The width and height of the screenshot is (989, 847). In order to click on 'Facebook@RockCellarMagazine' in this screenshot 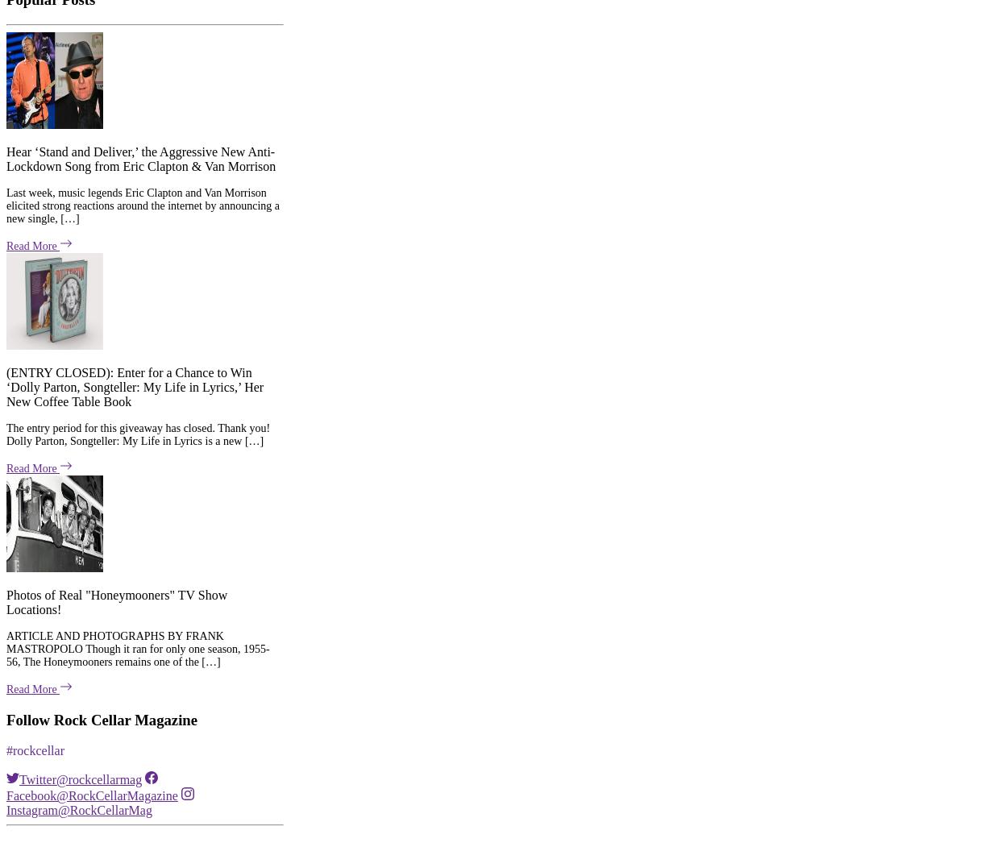, I will do `click(91, 554)`.